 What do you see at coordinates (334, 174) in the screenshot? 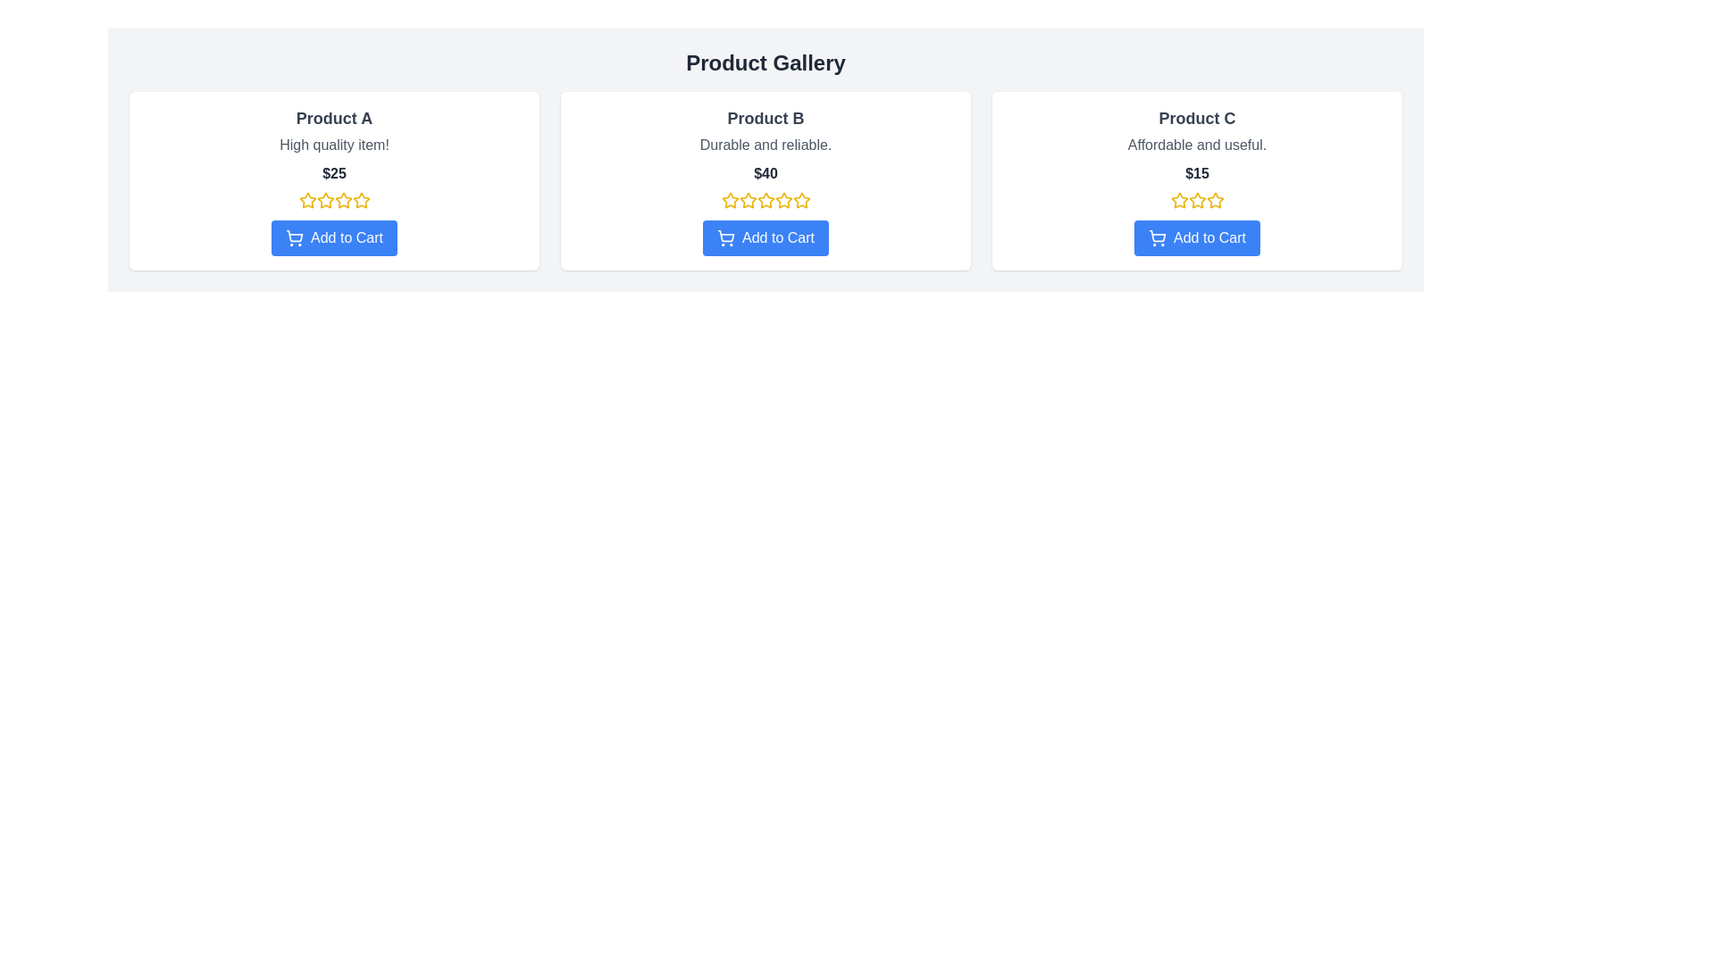
I see `the price text '$25' displayed in bold, dark gray font below the subtitle 'High quality item!' for 'Product A'` at bounding box center [334, 174].